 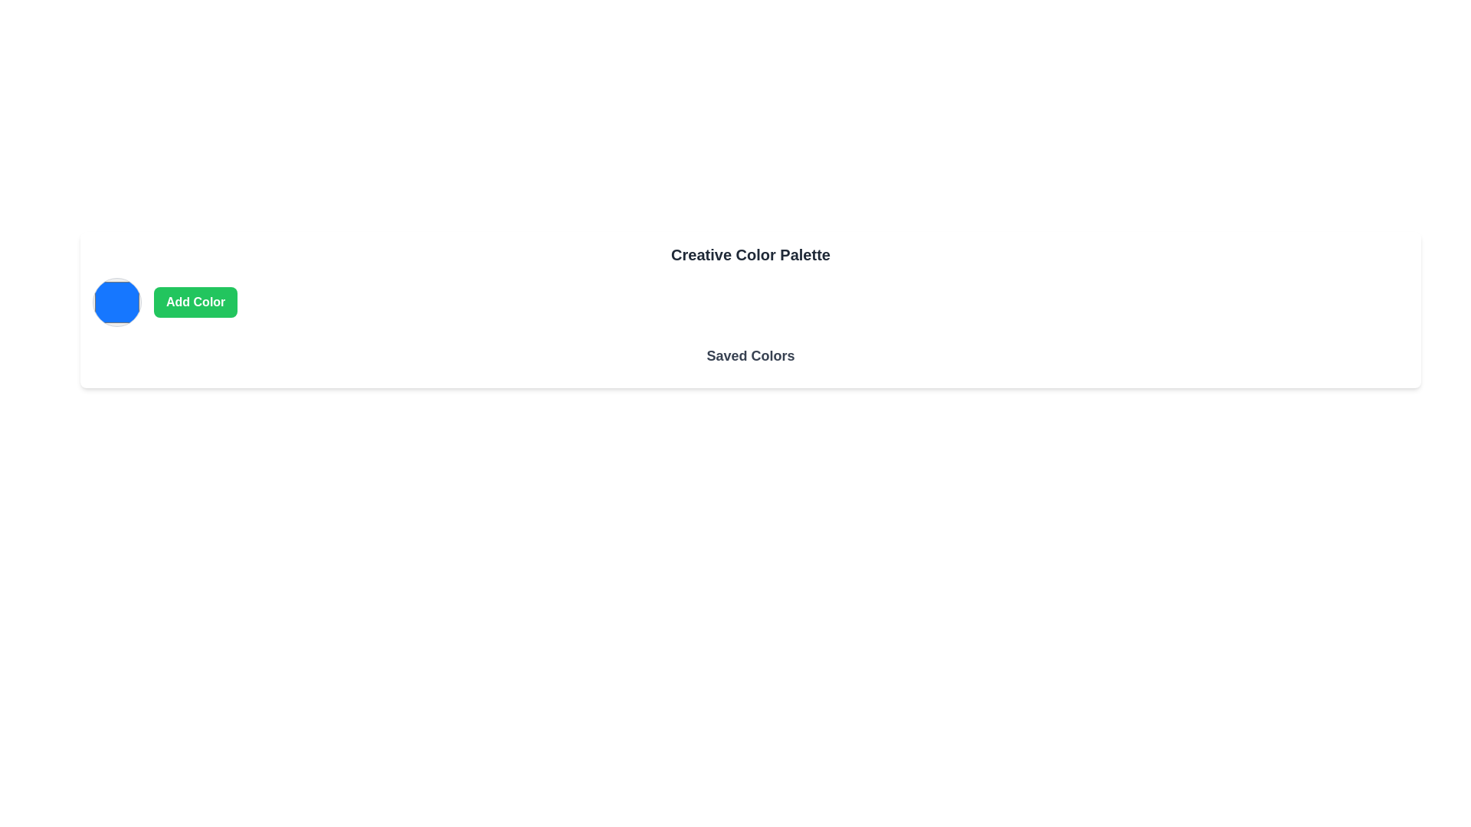 What do you see at coordinates (750, 253) in the screenshot?
I see `the text label styled with bold, extra-large font that reads 'Creative Color Palette', located at the top of its card layout` at bounding box center [750, 253].